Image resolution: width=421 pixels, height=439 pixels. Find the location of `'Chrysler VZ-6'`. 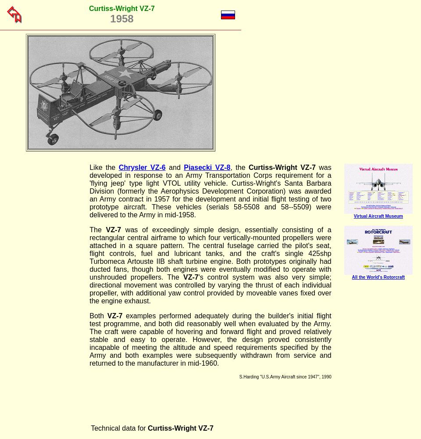

'Chrysler VZ-6' is located at coordinates (142, 167).